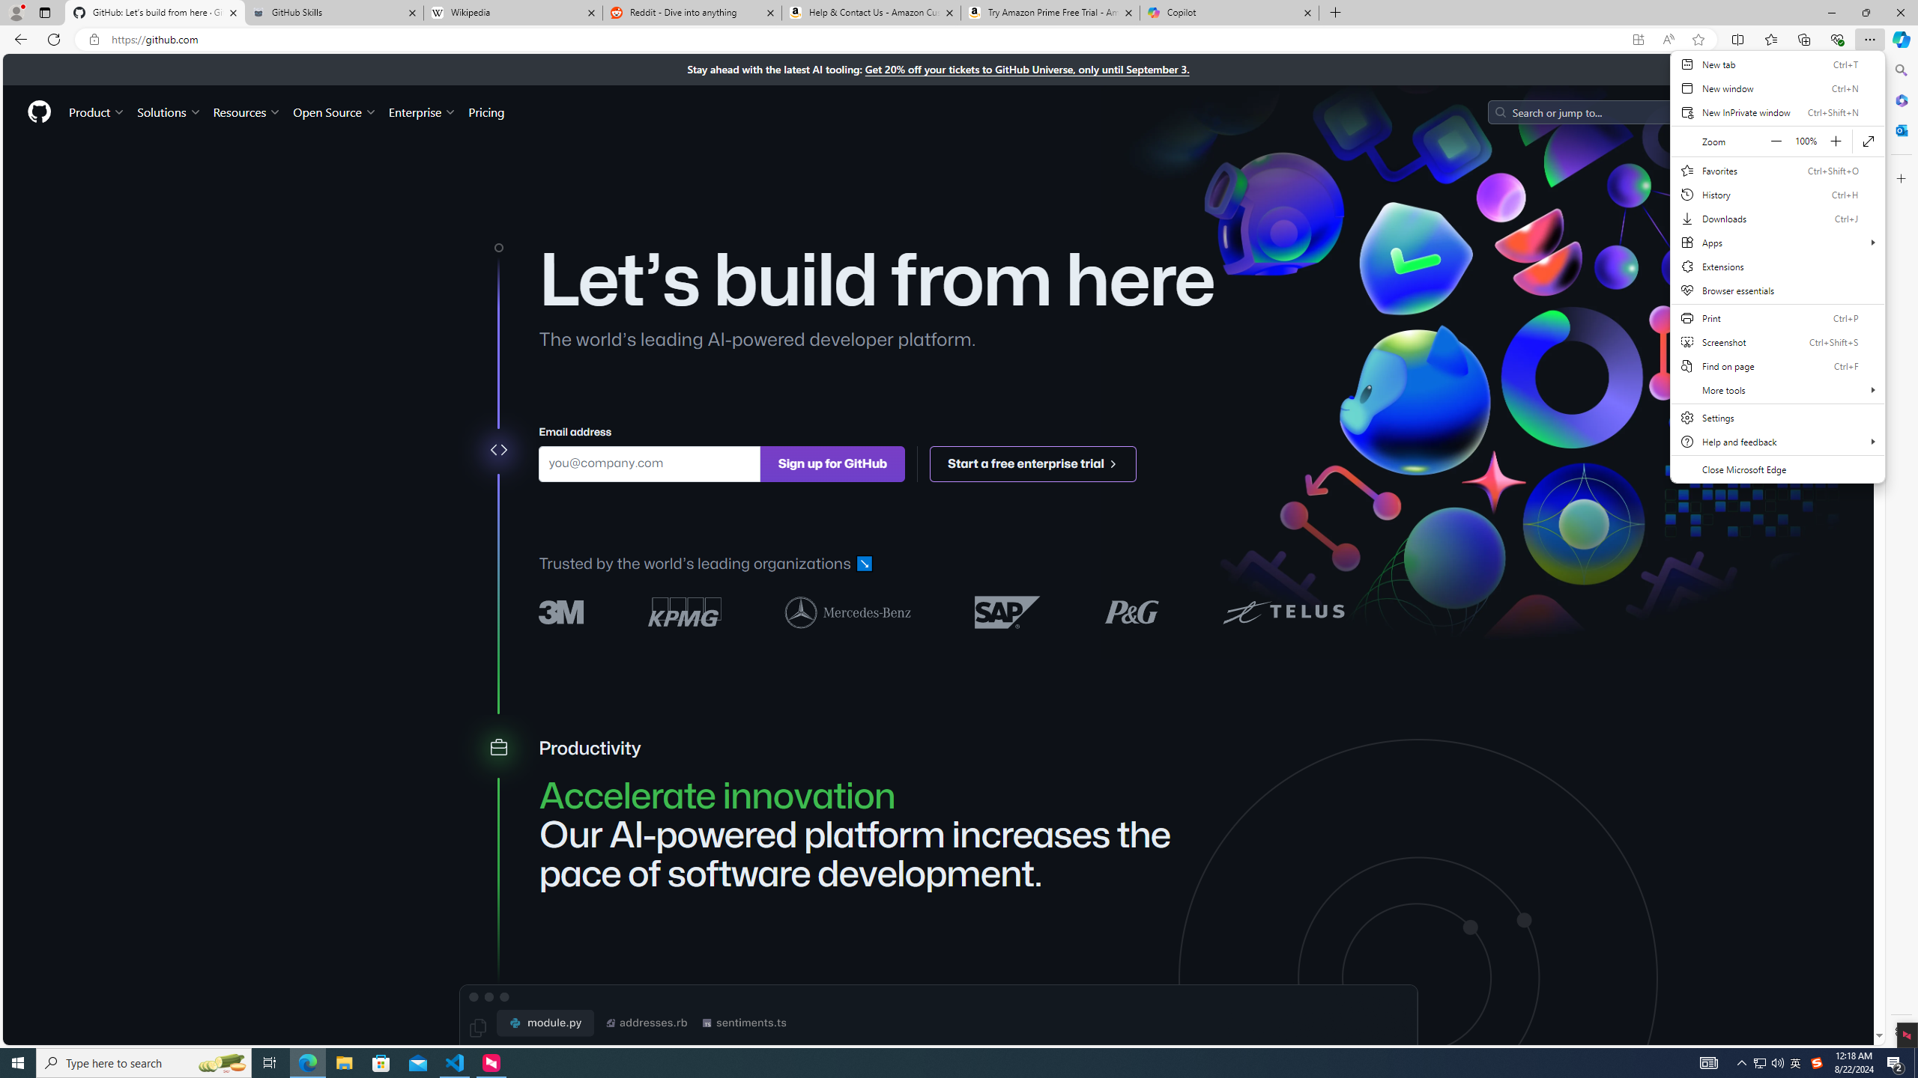 Image resolution: width=1918 pixels, height=1078 pixels. What do you see at coordinates (336, 112) in the screenshot?
I see `'Open Source'` at bounding box center [336, 112].